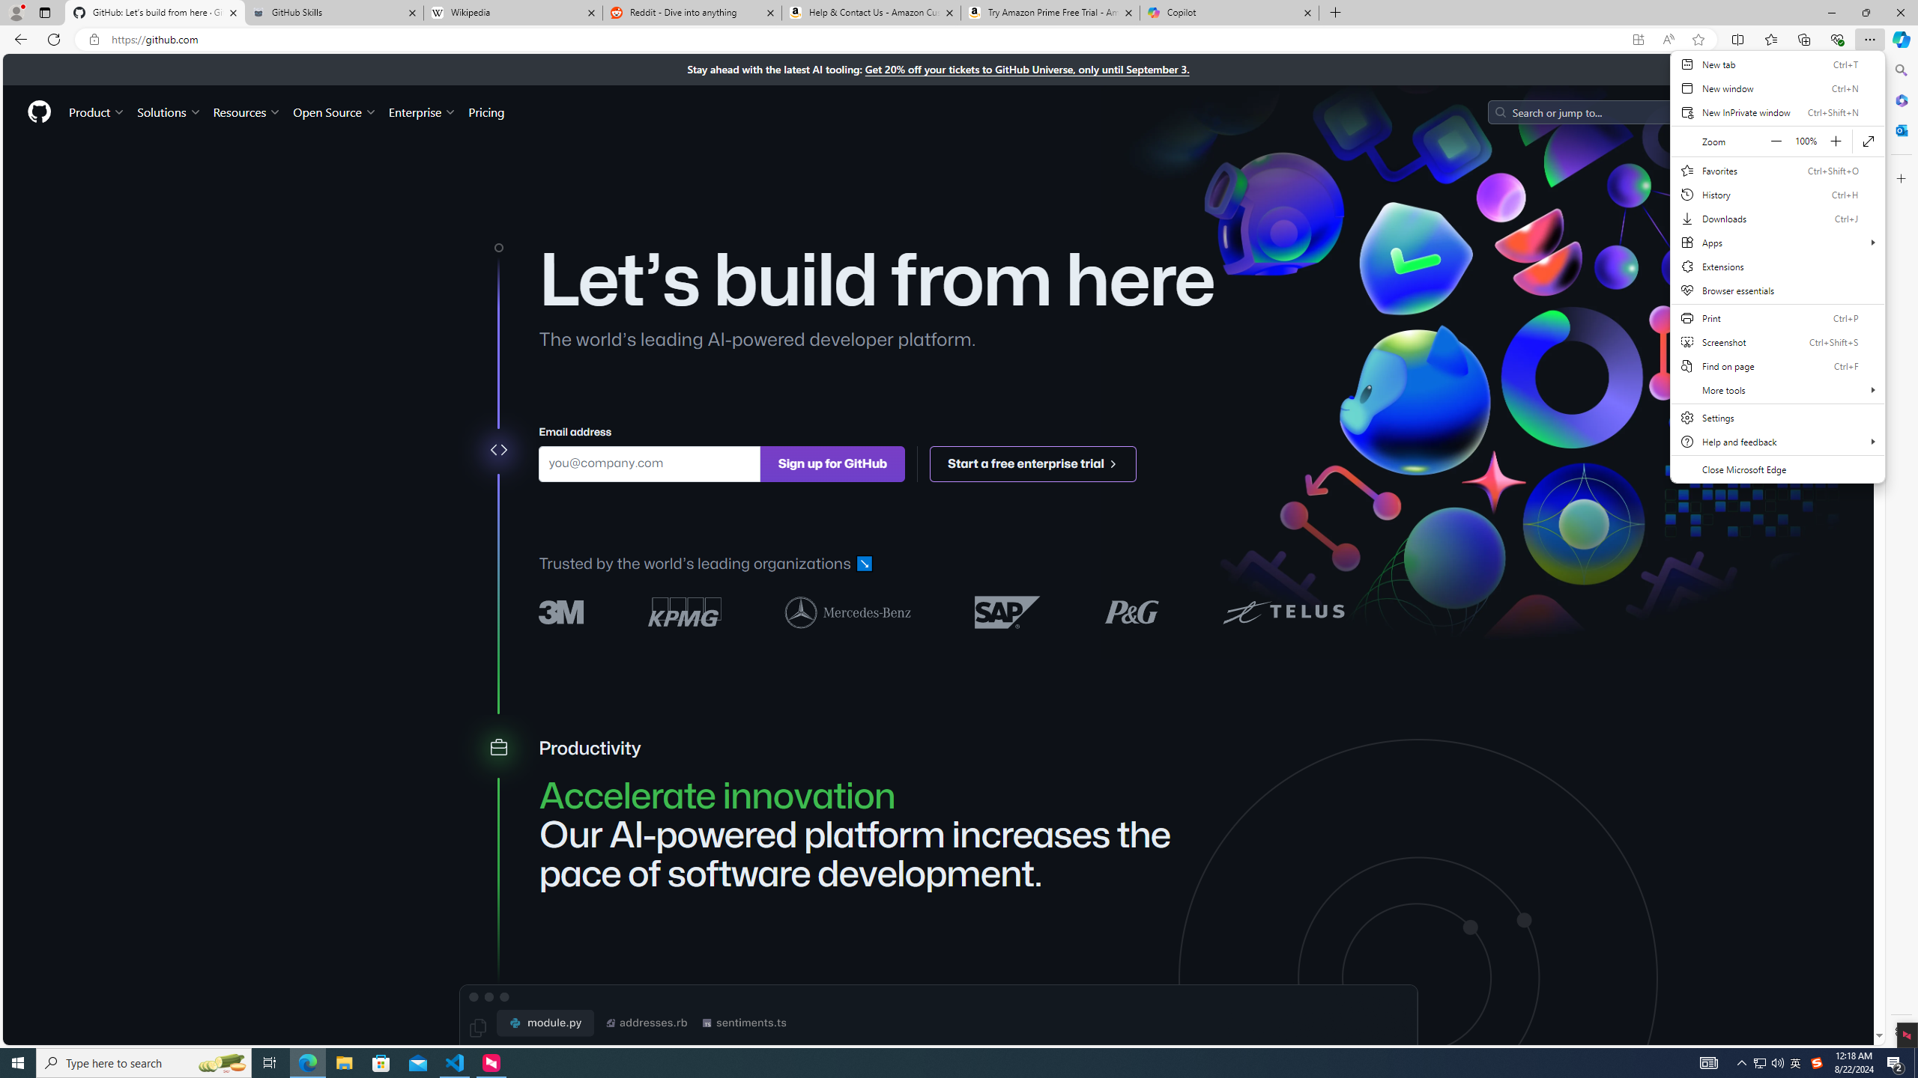 Image resolution: width=1918 pixels, height=1078 pixels. What do you see at coordinates (336, 112) in the screenshot?
I see `'Open Source'` at bounding box center [336, 112].